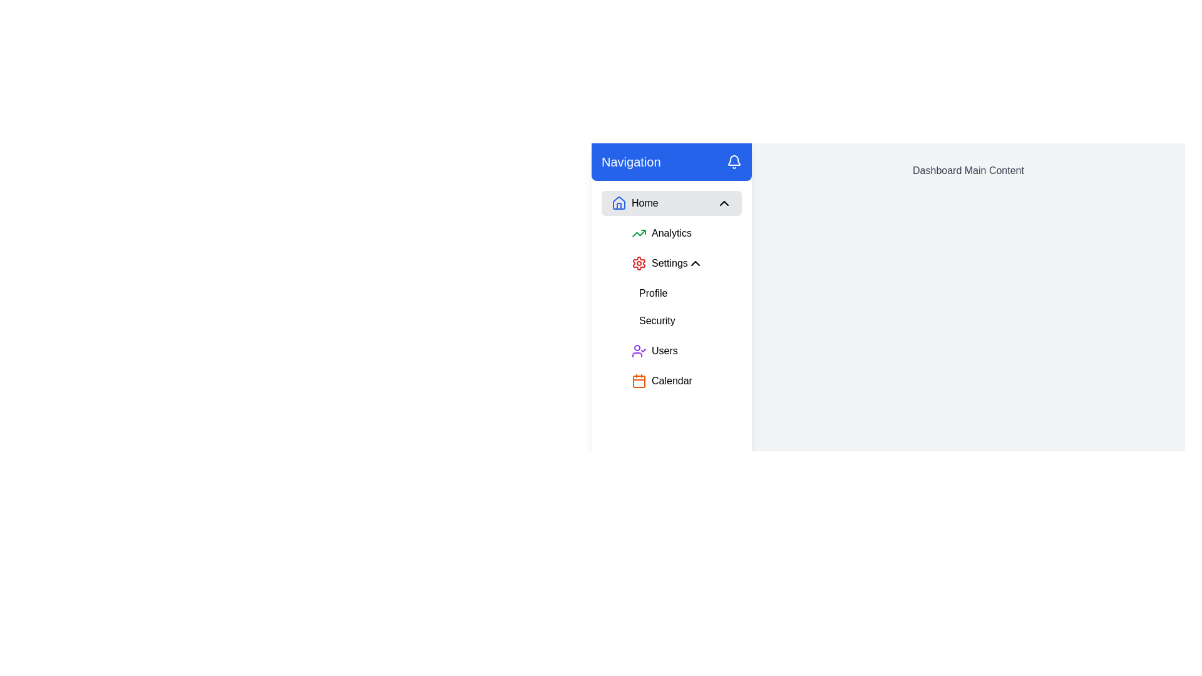 This screenshot has width=1202, height=676. Describe the element at coordinates (639, 351) in the screenshot. I see `the 'Users' navigation icon located to the left of the 'Users' text in the left navigation menu` at that location.